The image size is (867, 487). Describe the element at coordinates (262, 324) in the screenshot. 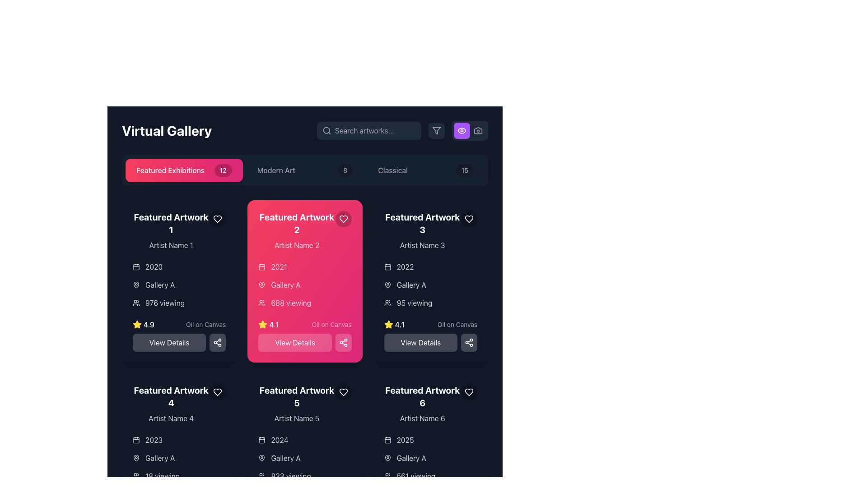

I see `the yellow star icon representing the rating symbol for 'Featured Artwork 2', located beneath the viewing count and next to the artwork's rating text` at that location.